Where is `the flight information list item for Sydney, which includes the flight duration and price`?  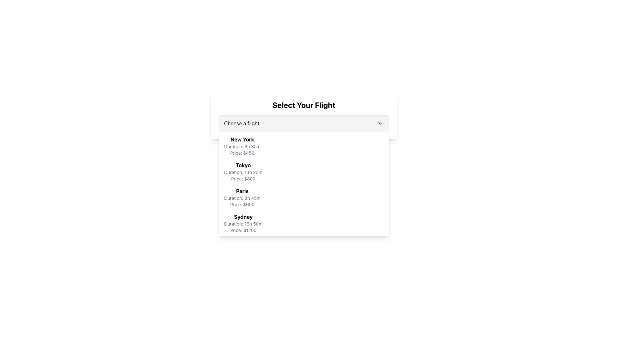 the flight information list item for Sydney, which includes the flight duration and price is located at coordinates (243, 223).